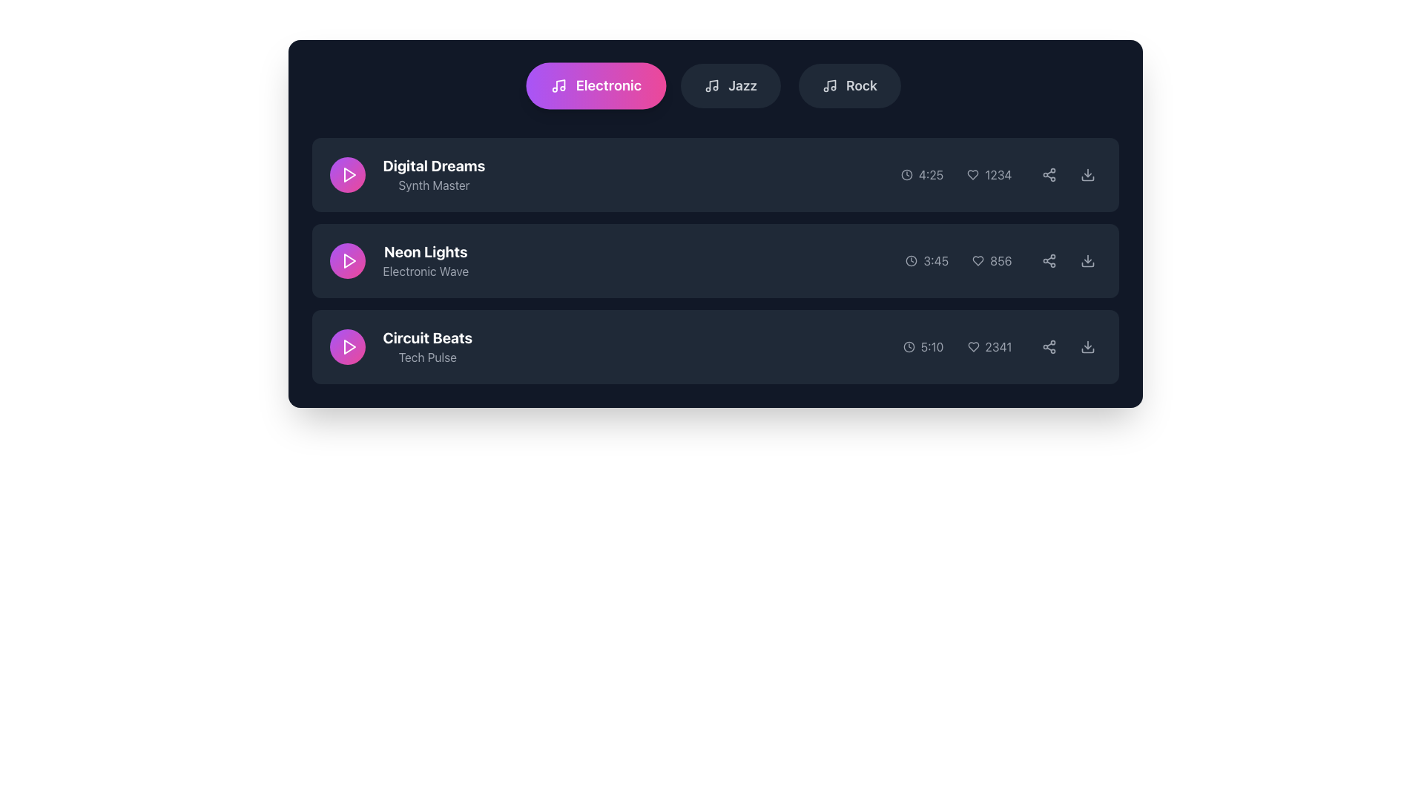 The image size is (1424, 801). I want to click on the 'Electronic' button which contains a musical note icon outlined in white on a purple to pink background, so click(558, 85).